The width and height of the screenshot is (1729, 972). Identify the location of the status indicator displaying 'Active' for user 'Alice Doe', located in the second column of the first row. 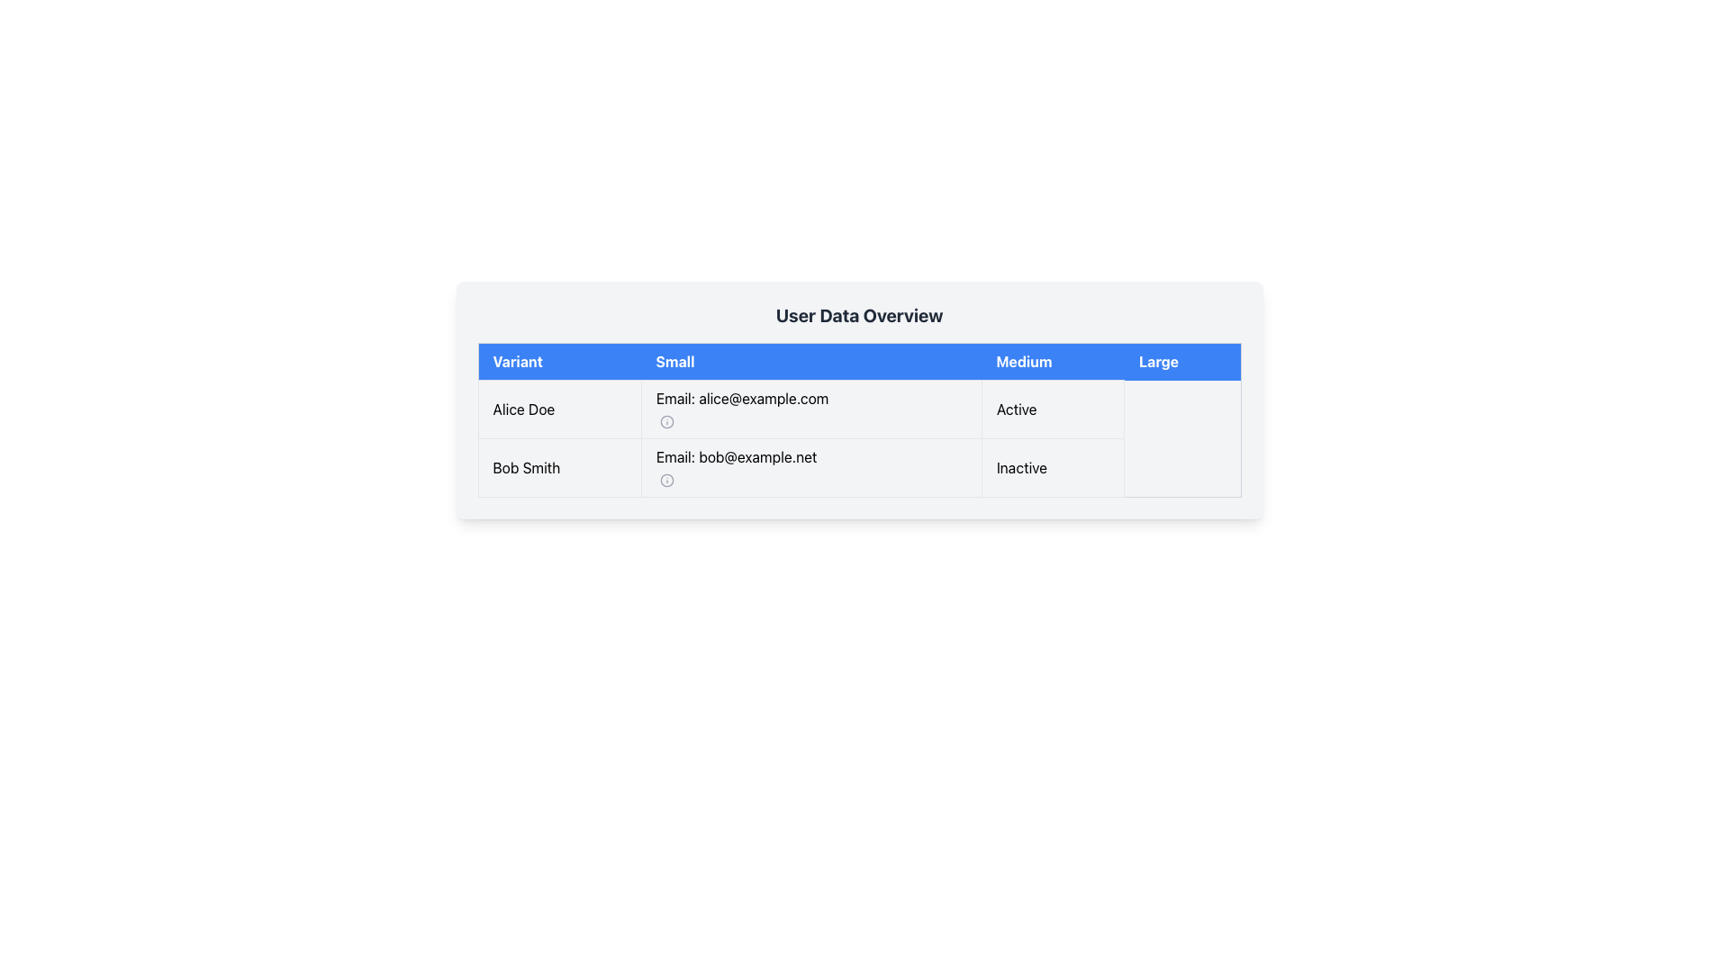
(1053, 409).